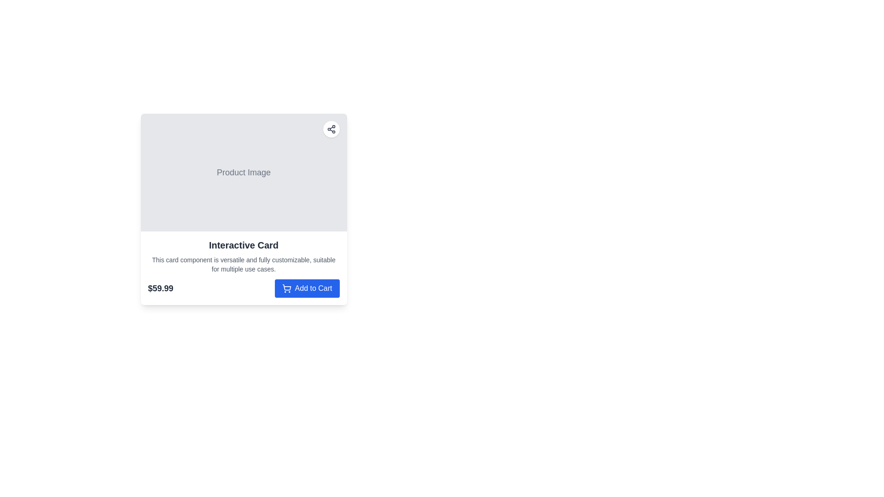 Image resolution: width=884 pixels, height=497 pixels. I want to click on the 'Add to Cart' button with a blue background and white text located at the bottom right of the product details layout, so click(307, 288).